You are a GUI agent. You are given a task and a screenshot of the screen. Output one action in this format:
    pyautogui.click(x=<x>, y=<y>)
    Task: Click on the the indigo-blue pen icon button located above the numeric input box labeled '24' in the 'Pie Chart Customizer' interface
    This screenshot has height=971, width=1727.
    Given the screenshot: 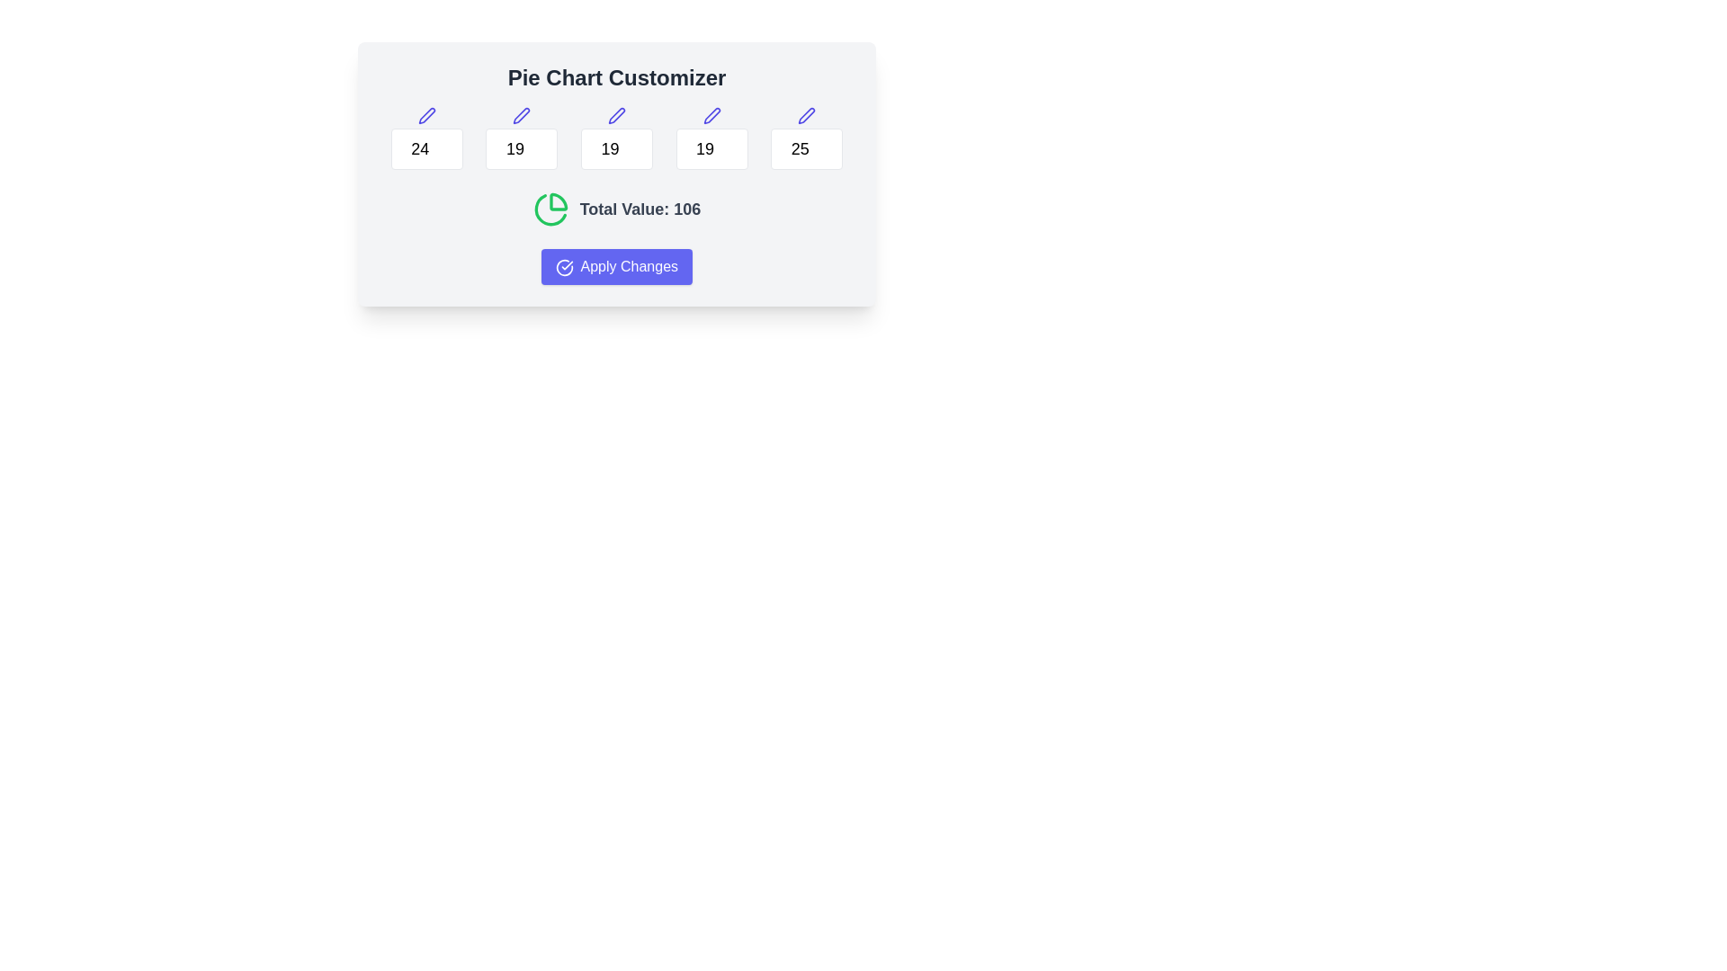 What is the action you would take?
    pyautogui.click(x=425, y=115)
    